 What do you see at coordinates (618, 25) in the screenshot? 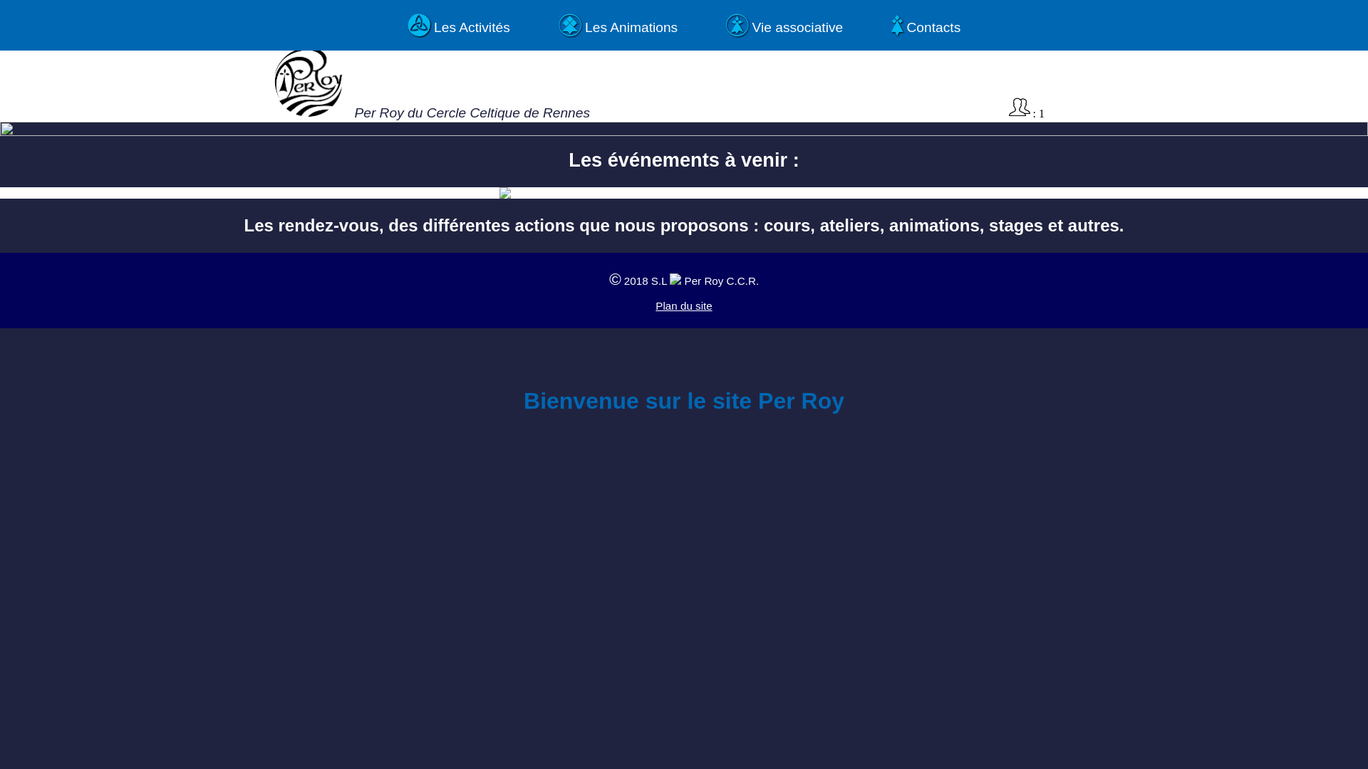
I see `', Les Animations'` at bounding box center [618, 25].